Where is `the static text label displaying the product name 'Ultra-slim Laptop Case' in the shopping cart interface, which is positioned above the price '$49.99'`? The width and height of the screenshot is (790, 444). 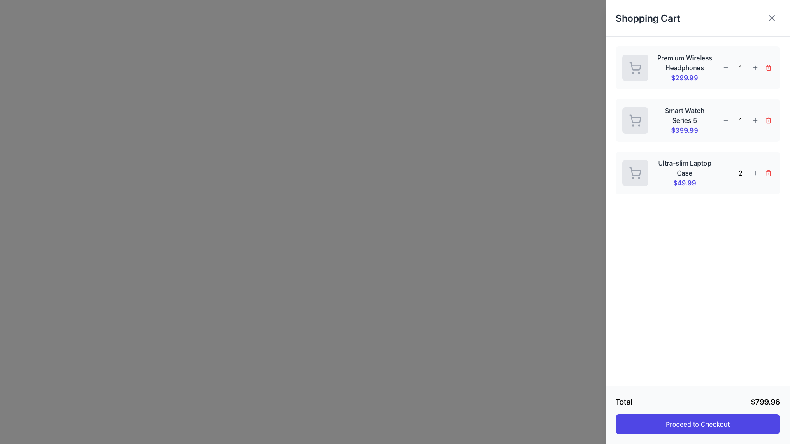
the static text label displaying the product name 'Ultra-slim Laptop Case' in the shopping cart interface, which is positioned above the price '$49.99' is located at coordinates (685, 167).